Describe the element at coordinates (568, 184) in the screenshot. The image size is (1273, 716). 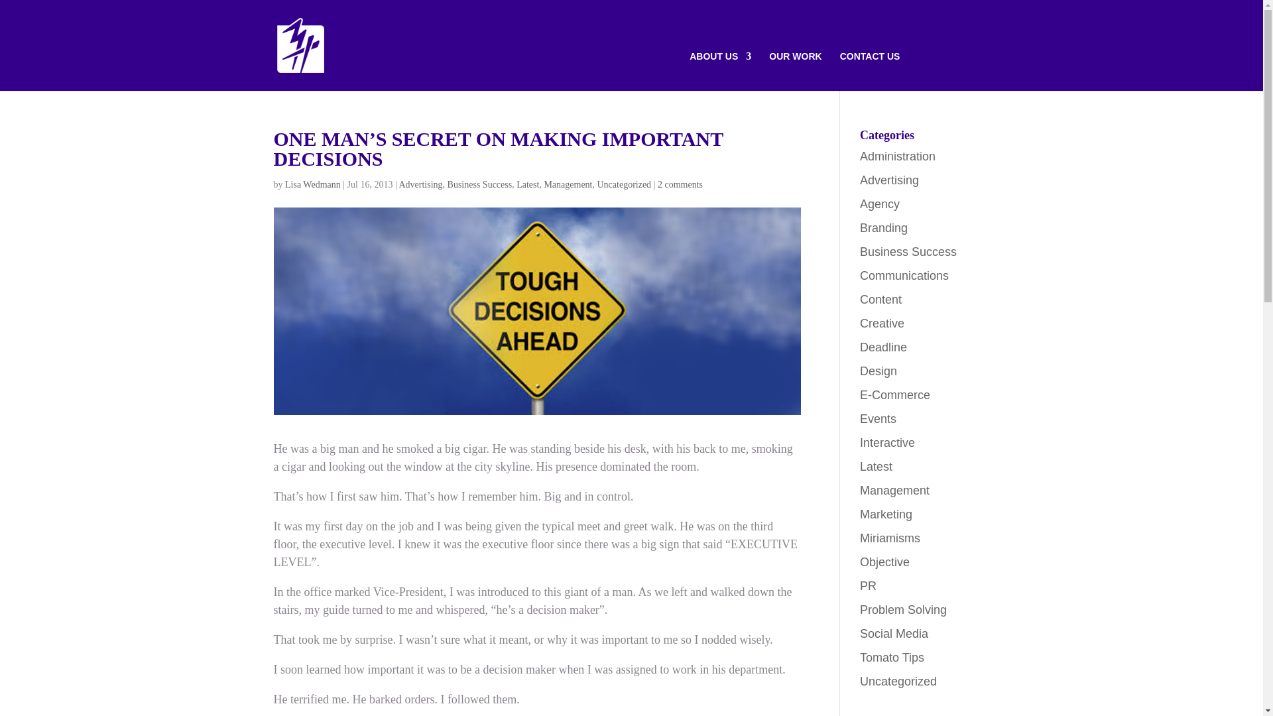
I see `'Management'` at that location.